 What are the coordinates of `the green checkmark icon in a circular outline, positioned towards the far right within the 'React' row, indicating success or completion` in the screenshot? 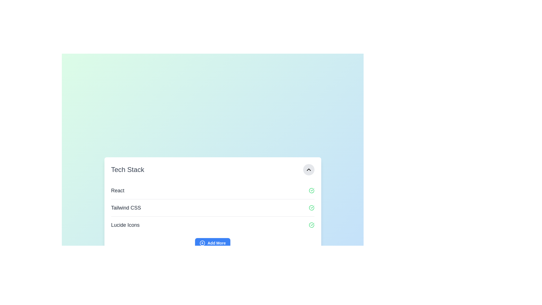 It's located at (311, 191).